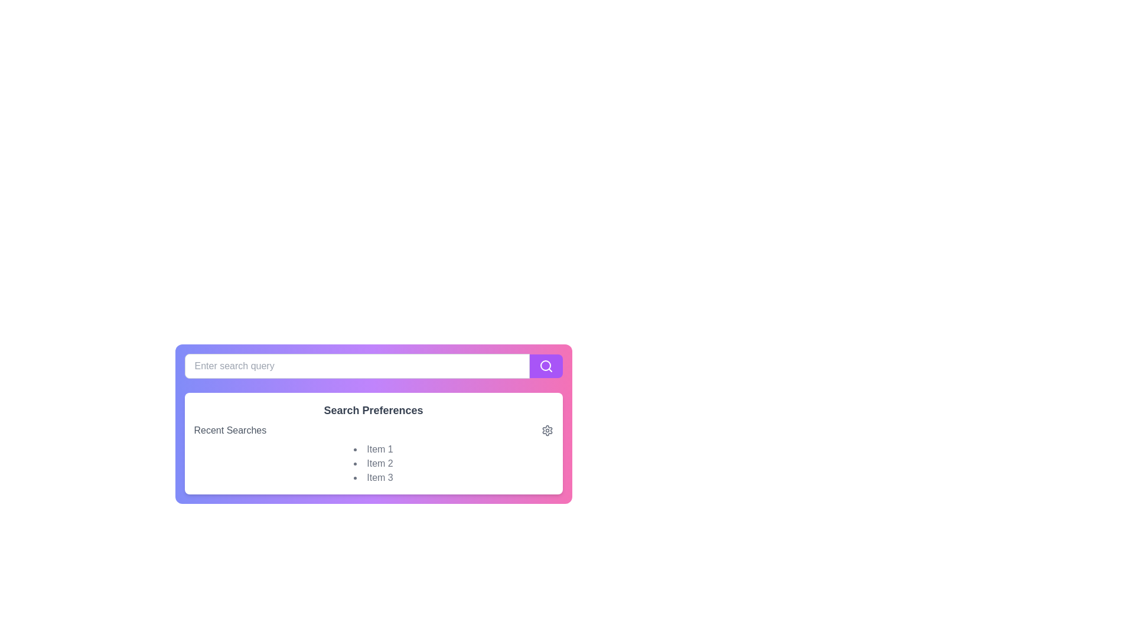  What do you see at coordinates (545, 364) in the screenshot?
I see `the SVG circle representing the magnifying glass icon in the top-right corner of the search bar` at bounding box center [545, 364].